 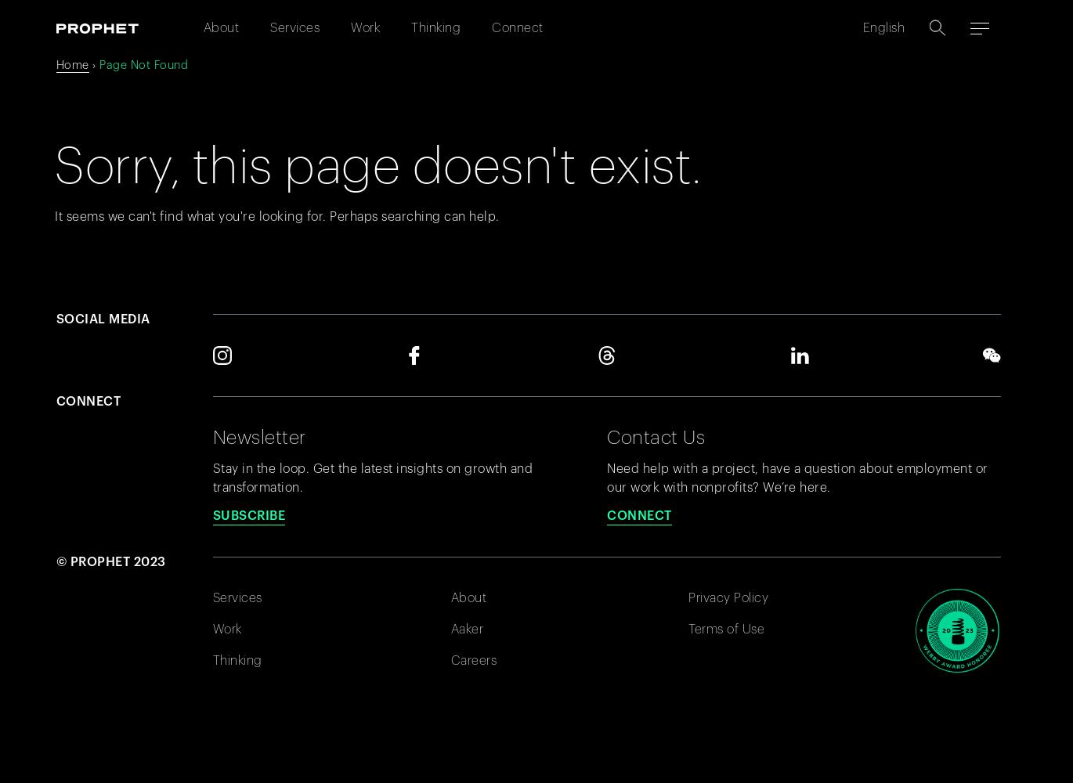 I want to click on 'Need help with a project, have a question about employment or our work with nonprofits? We’re here.', so click(x=797, y=477).